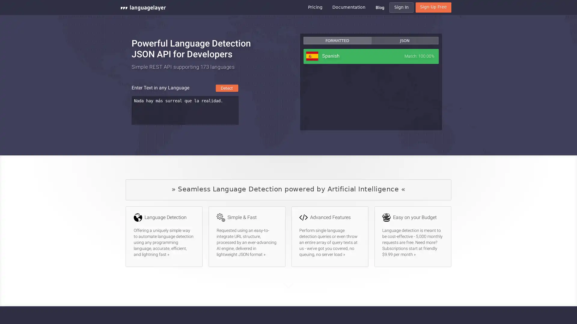  I want to click on JSON, so click(404, 40).